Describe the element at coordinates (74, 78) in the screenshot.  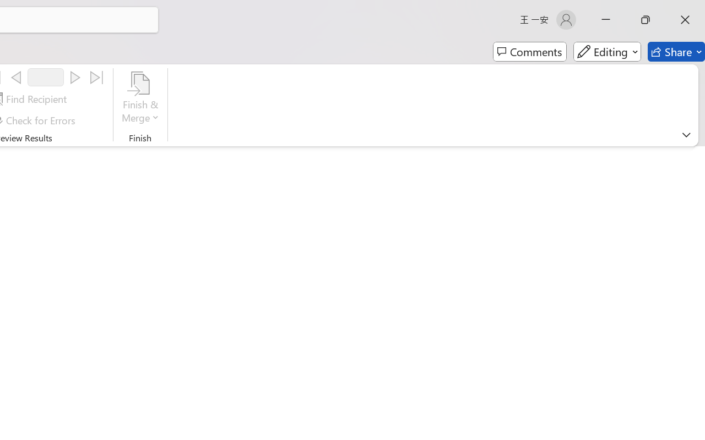
I see `'Next'` at that location.